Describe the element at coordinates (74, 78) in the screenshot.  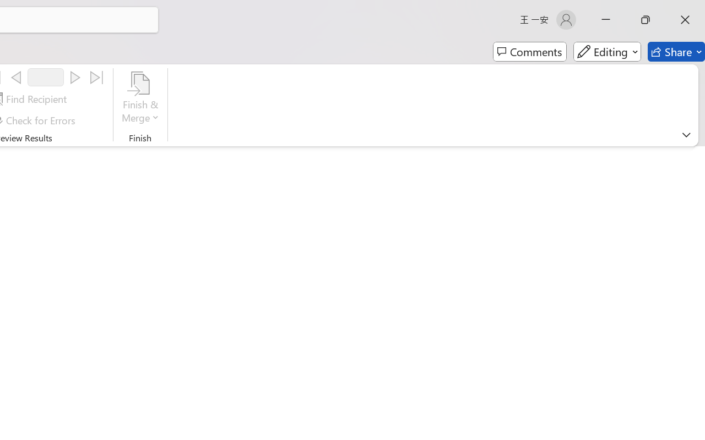
I see `'Next'` at that location.